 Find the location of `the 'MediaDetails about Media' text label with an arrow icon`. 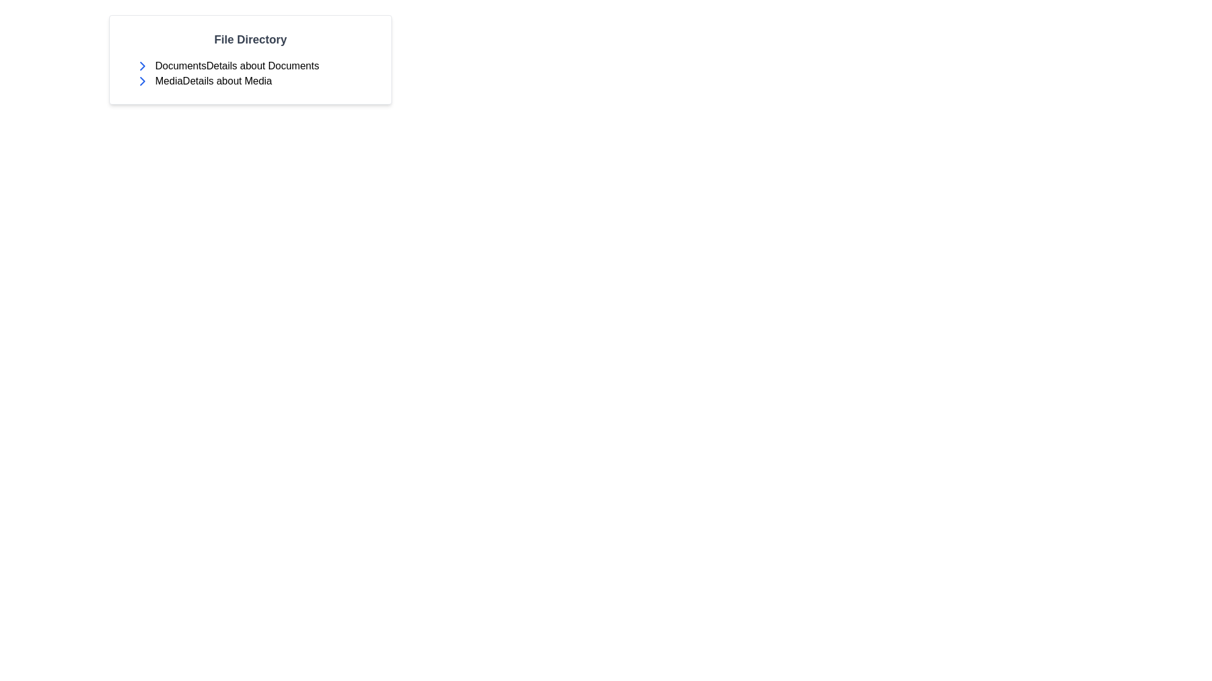

the 'MediaDetails about Media' text label with an arrow icon is located at coordinates (254, 81).